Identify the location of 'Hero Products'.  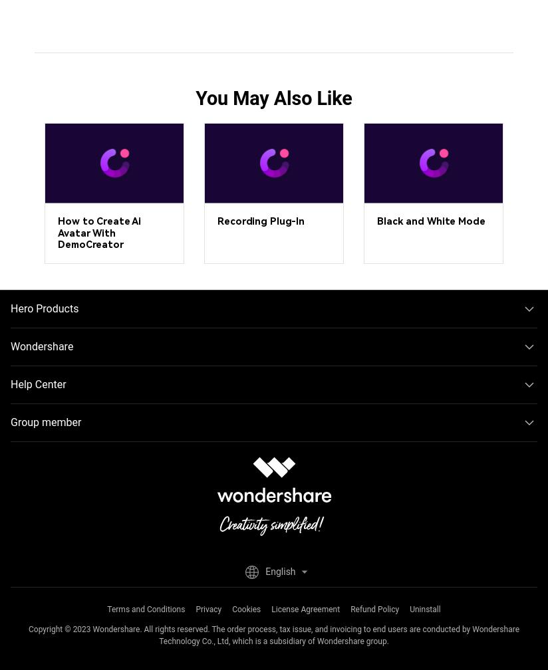
(9, 308).